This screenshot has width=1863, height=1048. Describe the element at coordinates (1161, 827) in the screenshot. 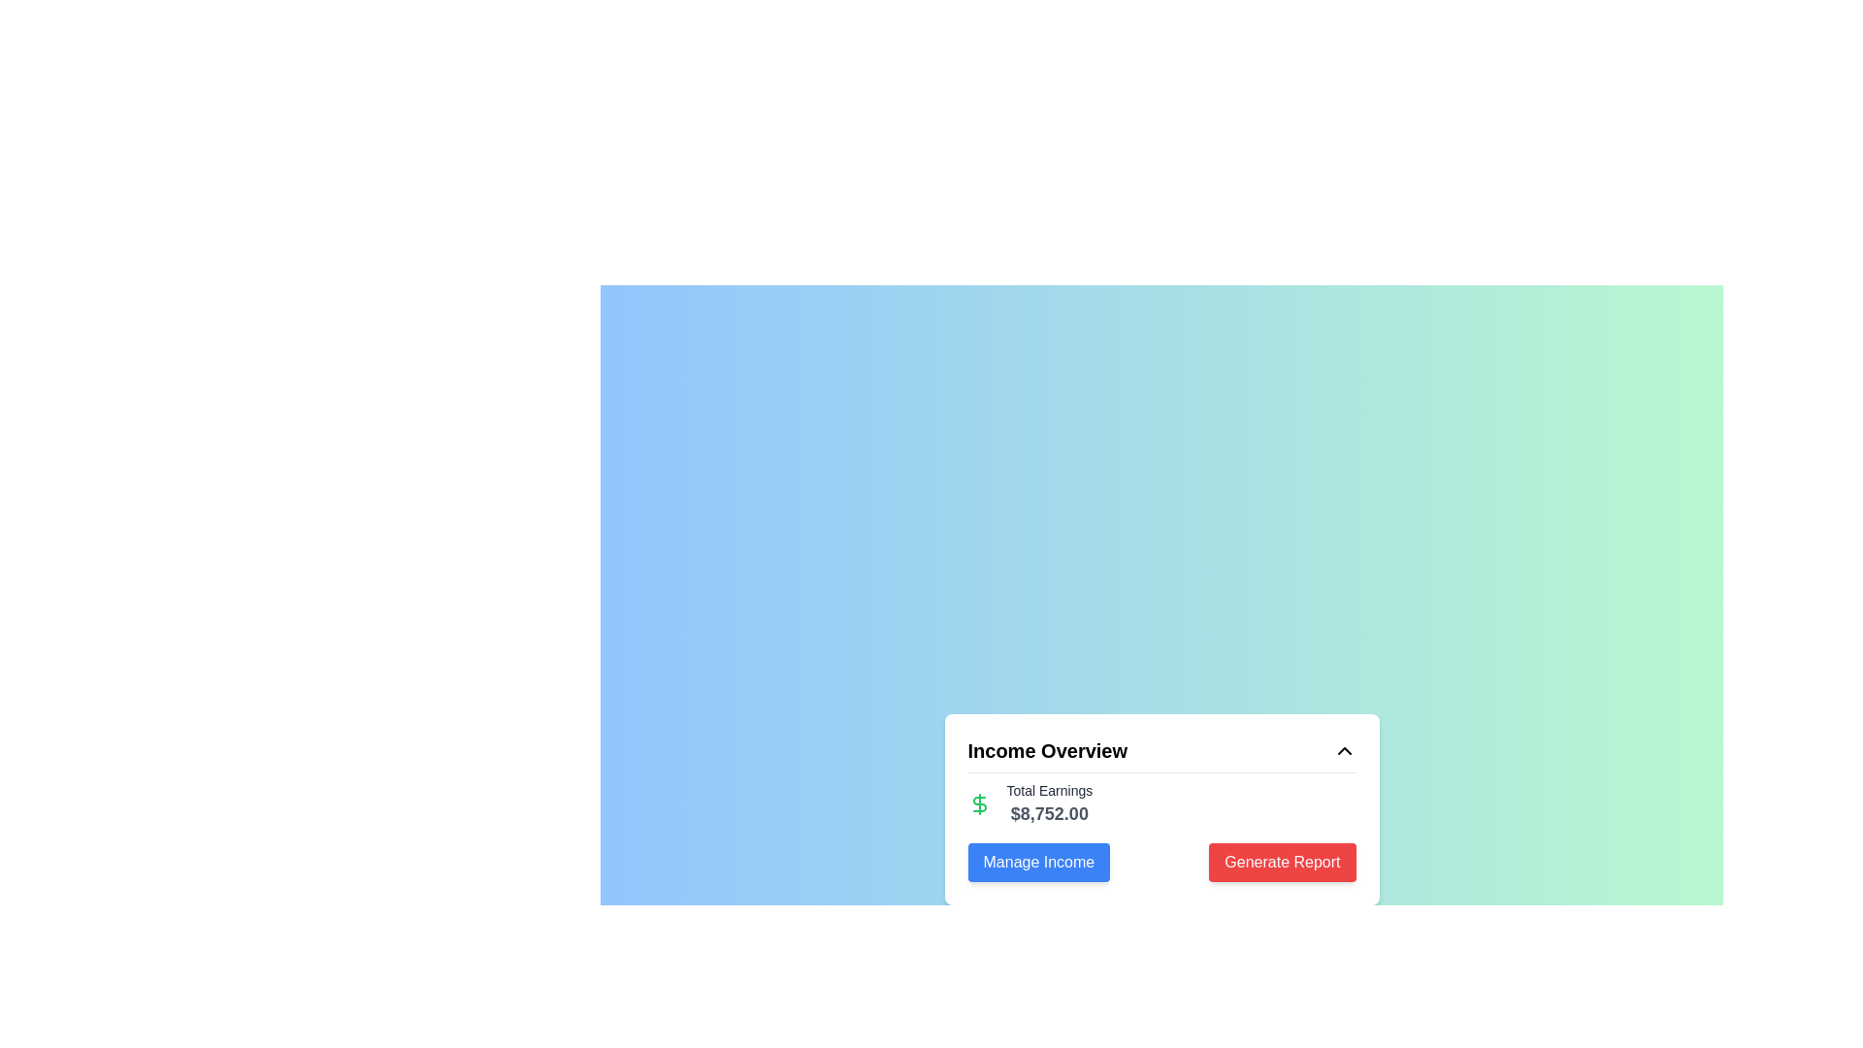

I see `the 'Income Overview' section` at that location.